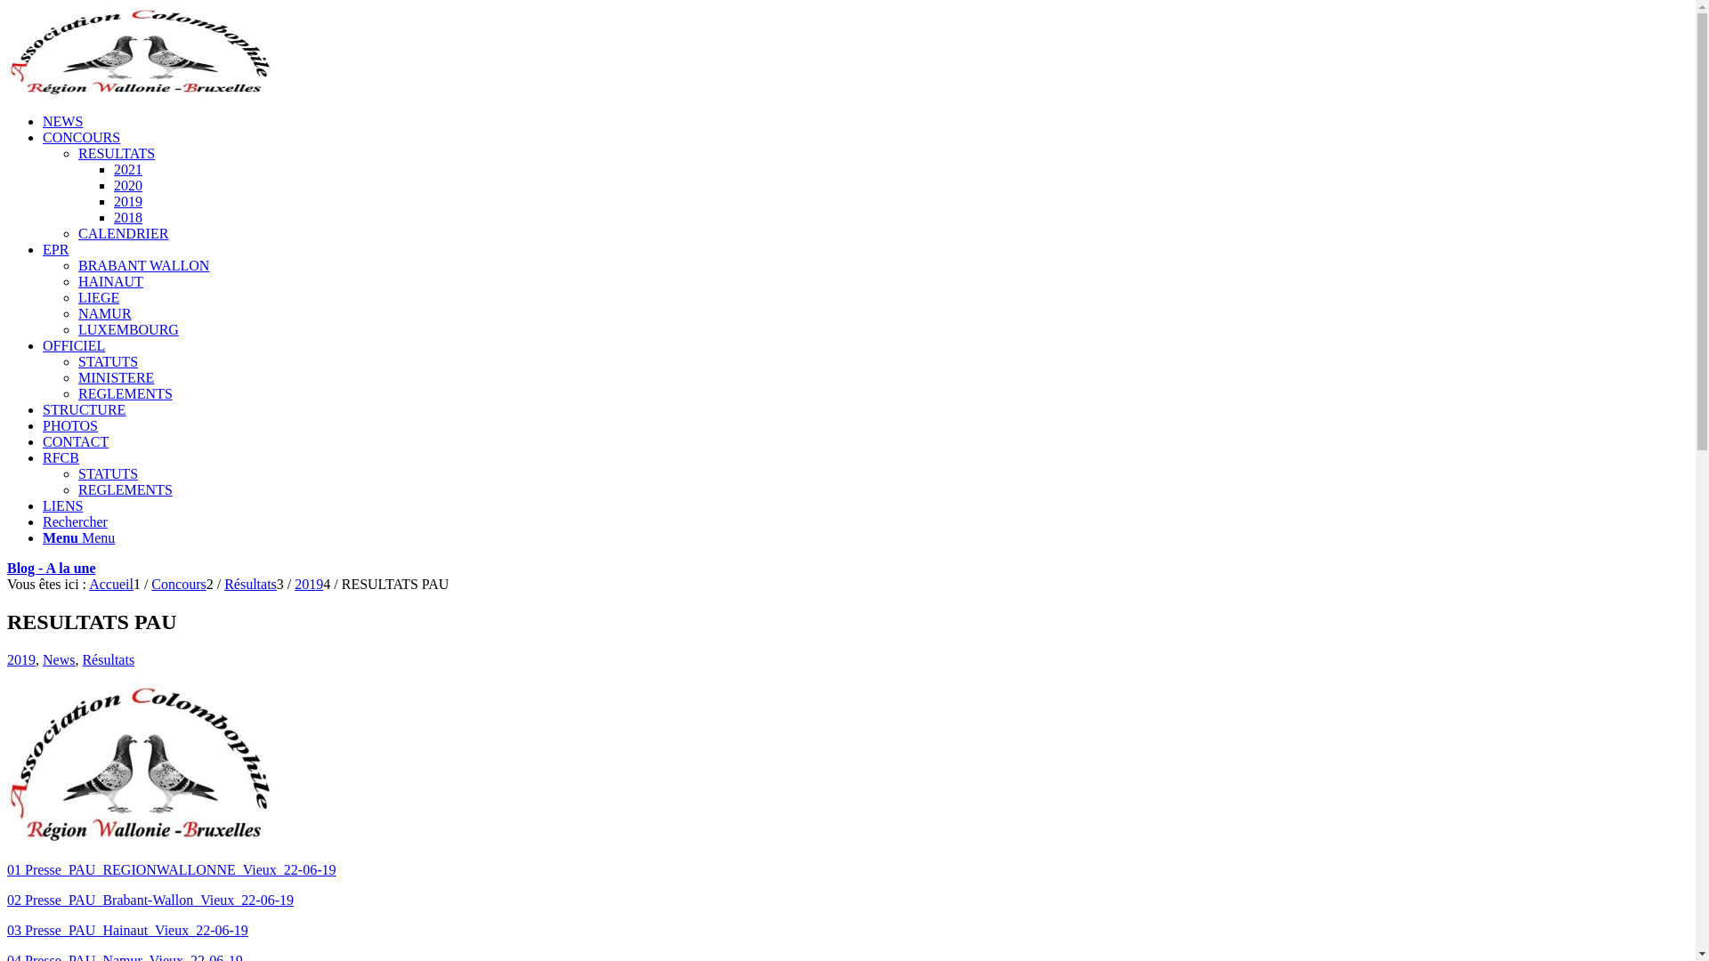 This screenshot has width=1709, height=961. What do you see at coordinates (21, 659) in the screenshot?
I see `'2019'` at bounding box center [21, 659].